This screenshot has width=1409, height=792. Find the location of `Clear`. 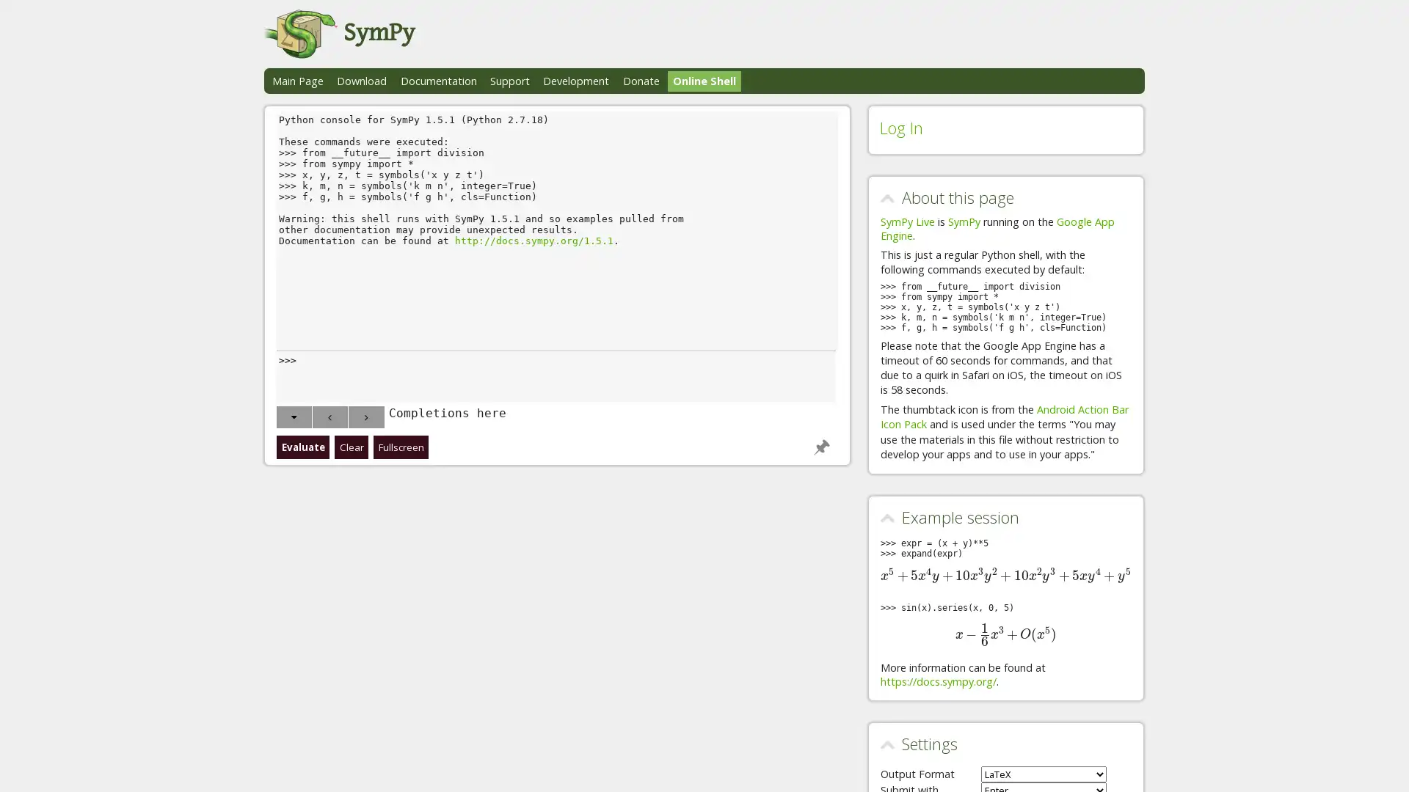

Clear is located at coordinates (350, 446).